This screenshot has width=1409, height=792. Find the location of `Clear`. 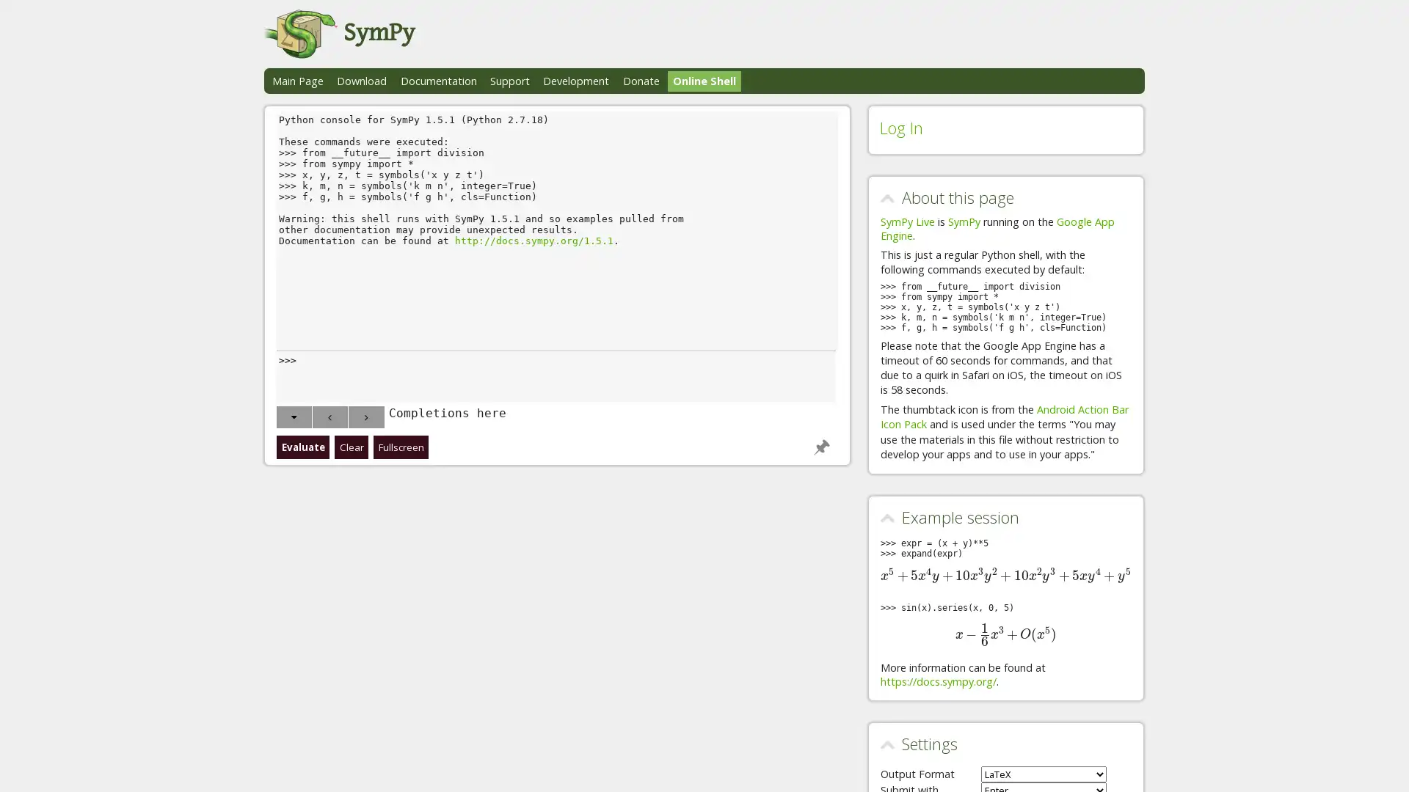

Clear is located at coordinates (350, 446).